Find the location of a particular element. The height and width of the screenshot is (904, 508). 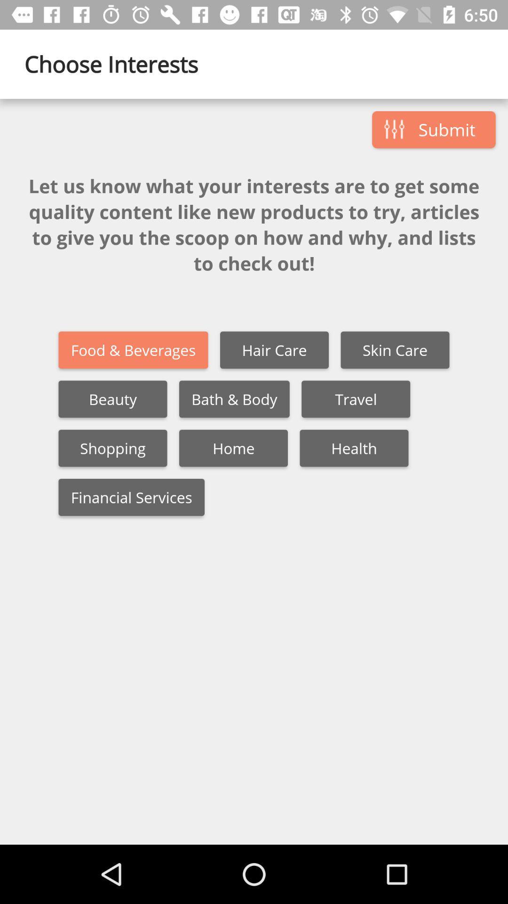

the shopping is located at coordinates (112, 448).